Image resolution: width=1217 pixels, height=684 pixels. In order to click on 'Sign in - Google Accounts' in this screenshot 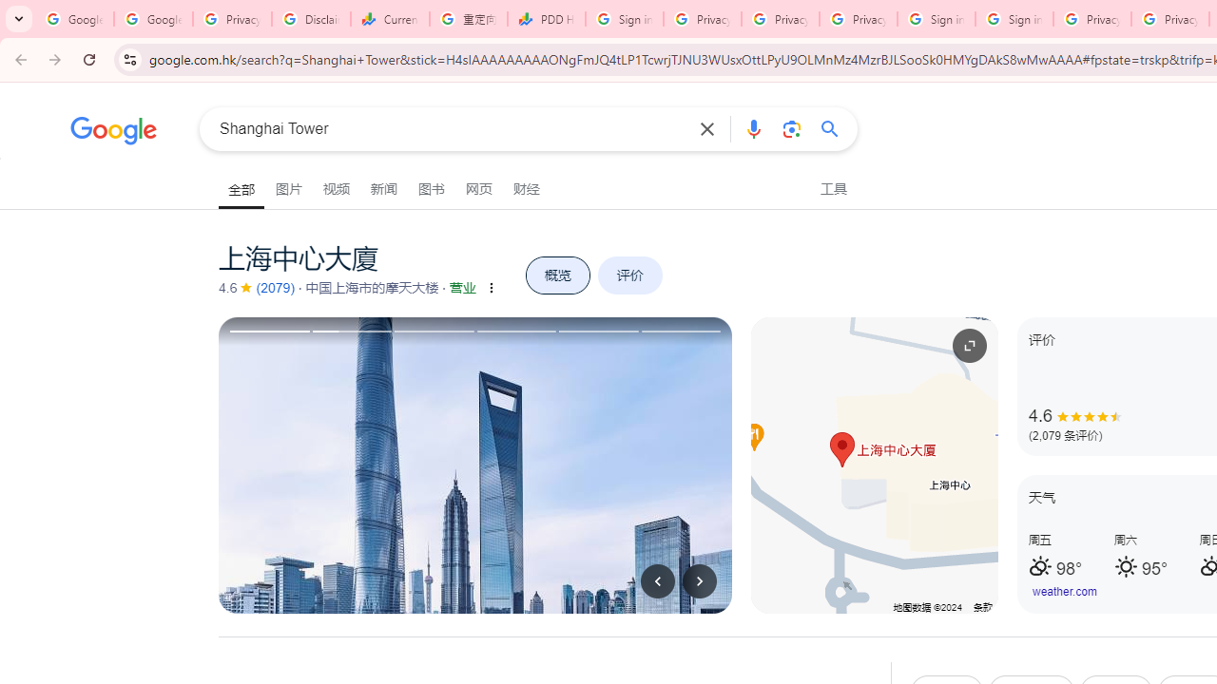, I will do `click(1014, 19)`.